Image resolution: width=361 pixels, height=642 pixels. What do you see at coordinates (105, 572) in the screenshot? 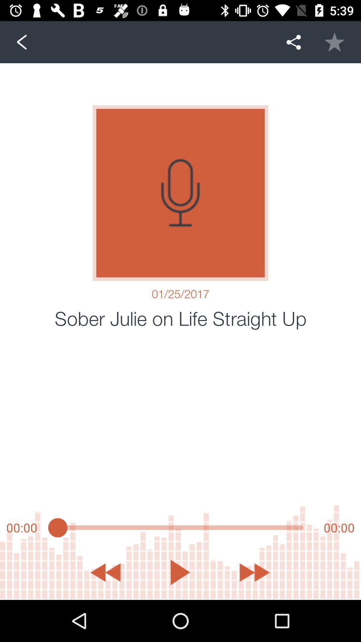
I see `the av_rewind icon` at bounding box center [105, 572].